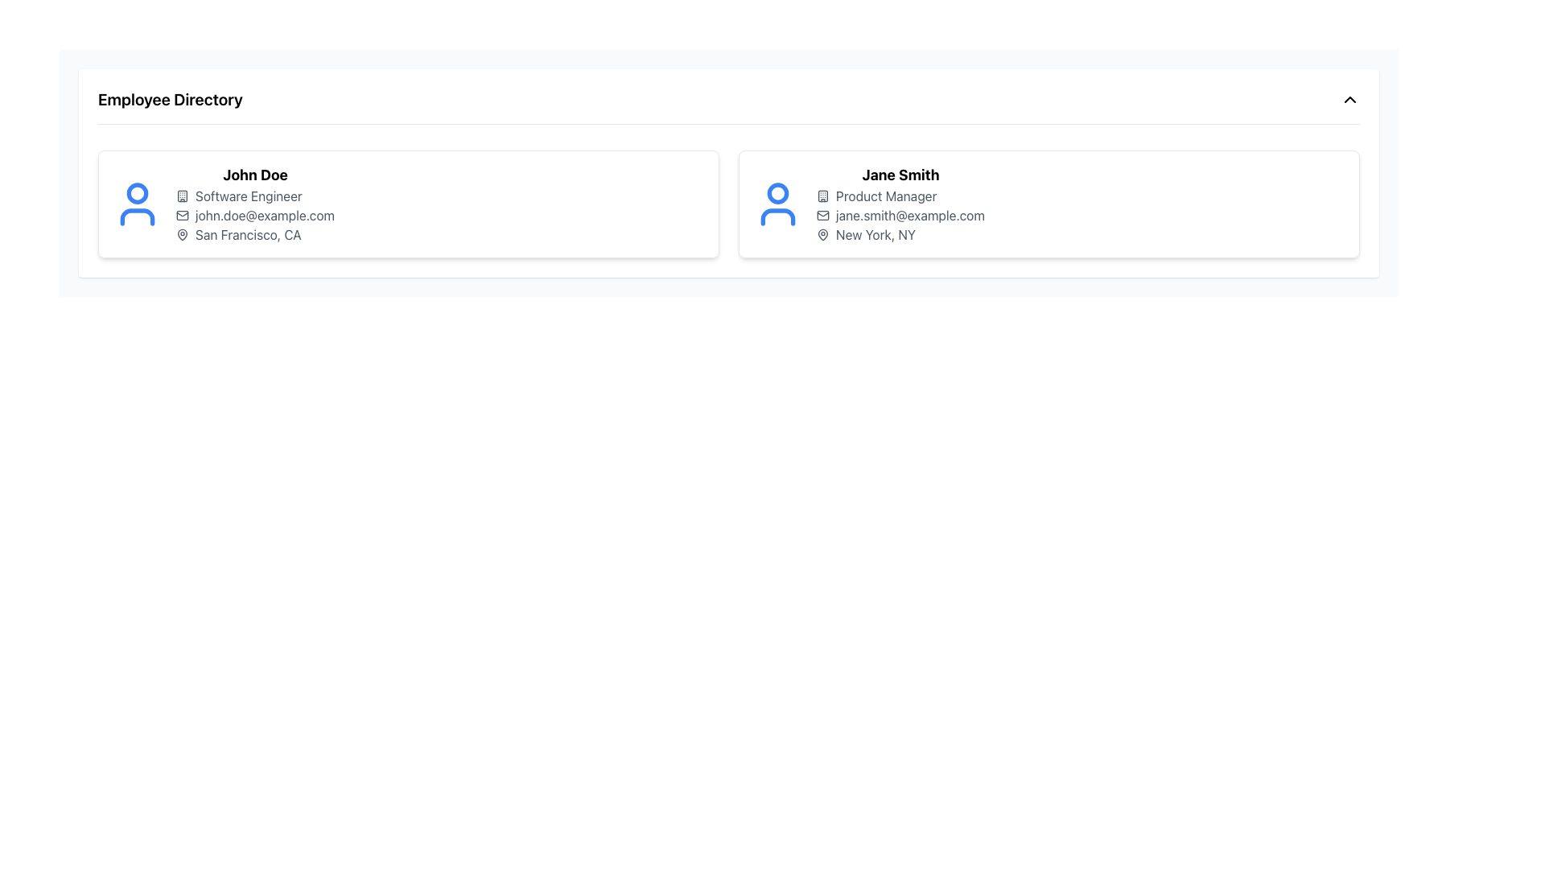 This screenshot has height=869, width=1545. I want to click on the map pin icon located to the left of the text 'New York, NY' in the Employee Directory card for 'Jane Smith', so click(822, 235).